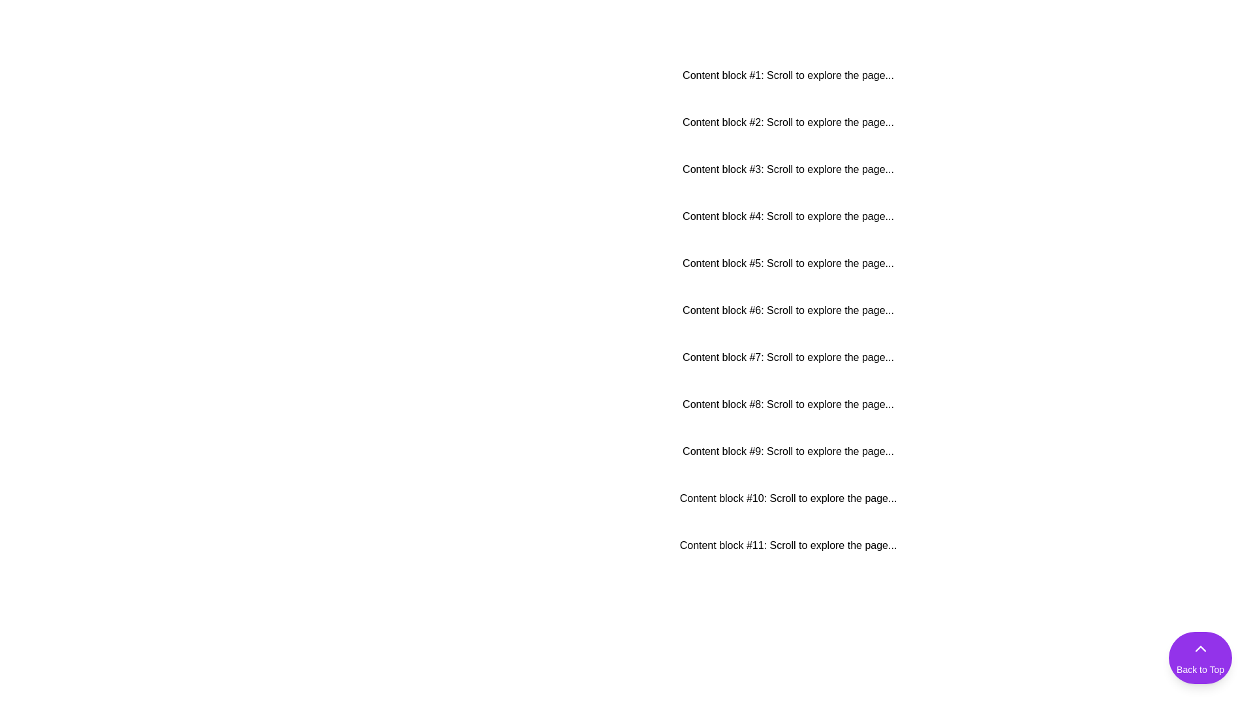  Describe the element at coordinates (788, 357) in the screenshot. I see `the static text element displaying 'Content block #7: Scroll` at that location.